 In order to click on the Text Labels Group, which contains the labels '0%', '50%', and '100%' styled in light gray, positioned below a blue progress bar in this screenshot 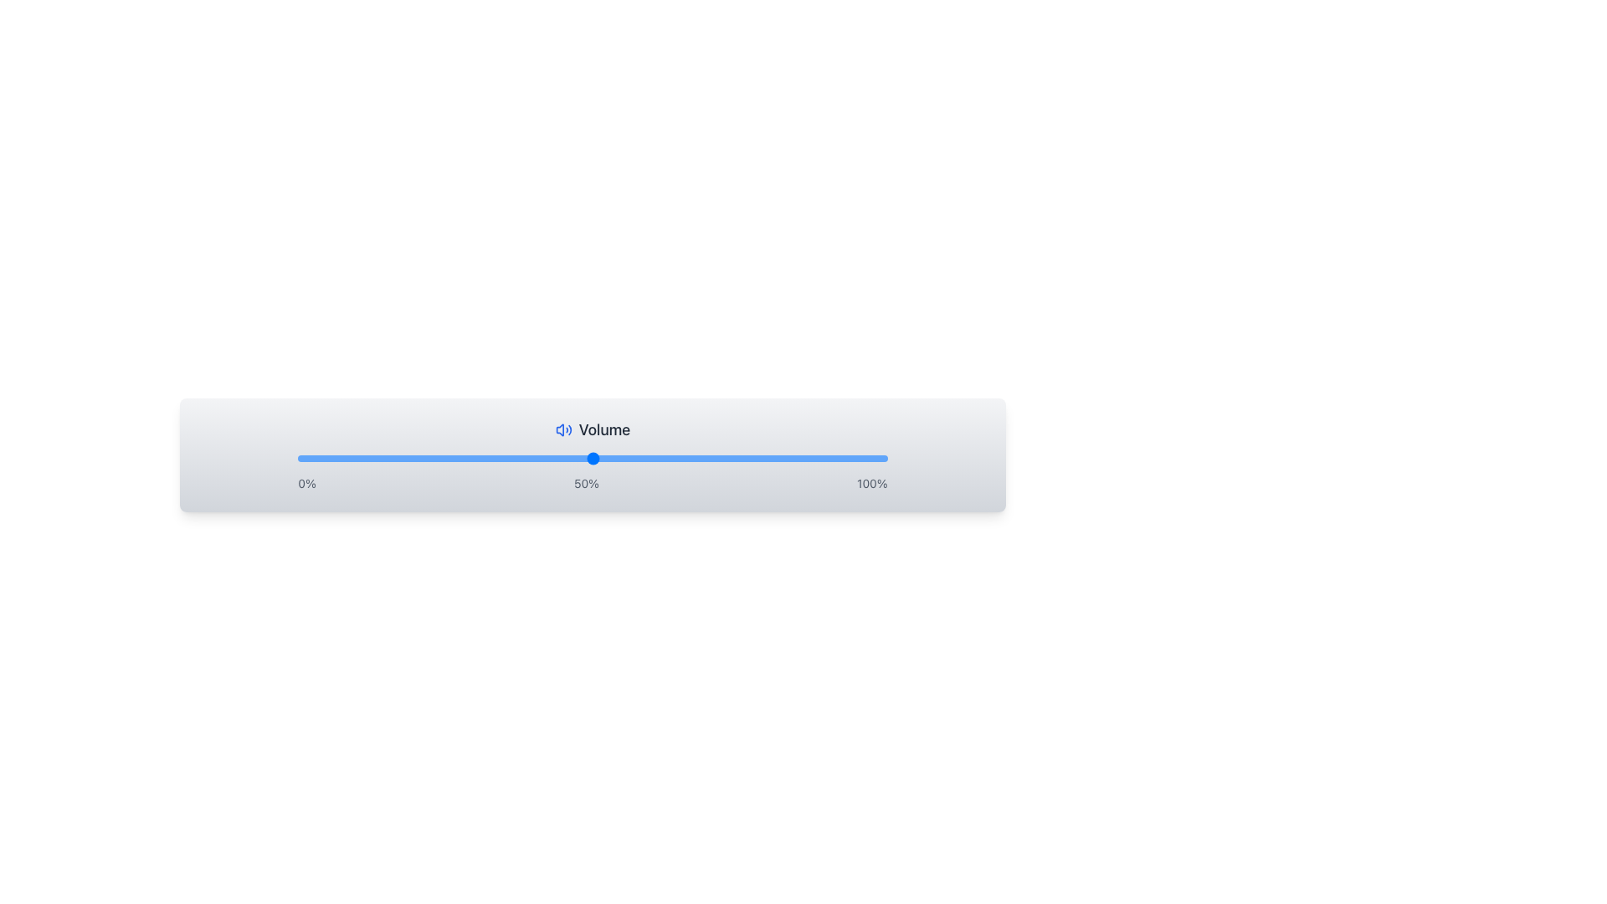, I will do `click(593, 484)`.